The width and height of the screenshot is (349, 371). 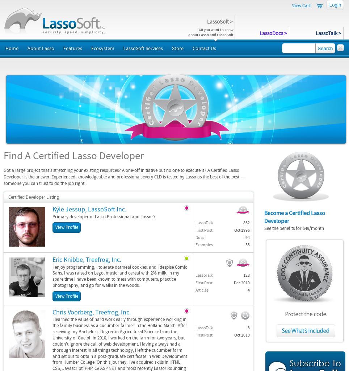 What do you see at coordinates (11, 48) in the screenshot?
I see `'Home'` at bounding box center [11, 48].